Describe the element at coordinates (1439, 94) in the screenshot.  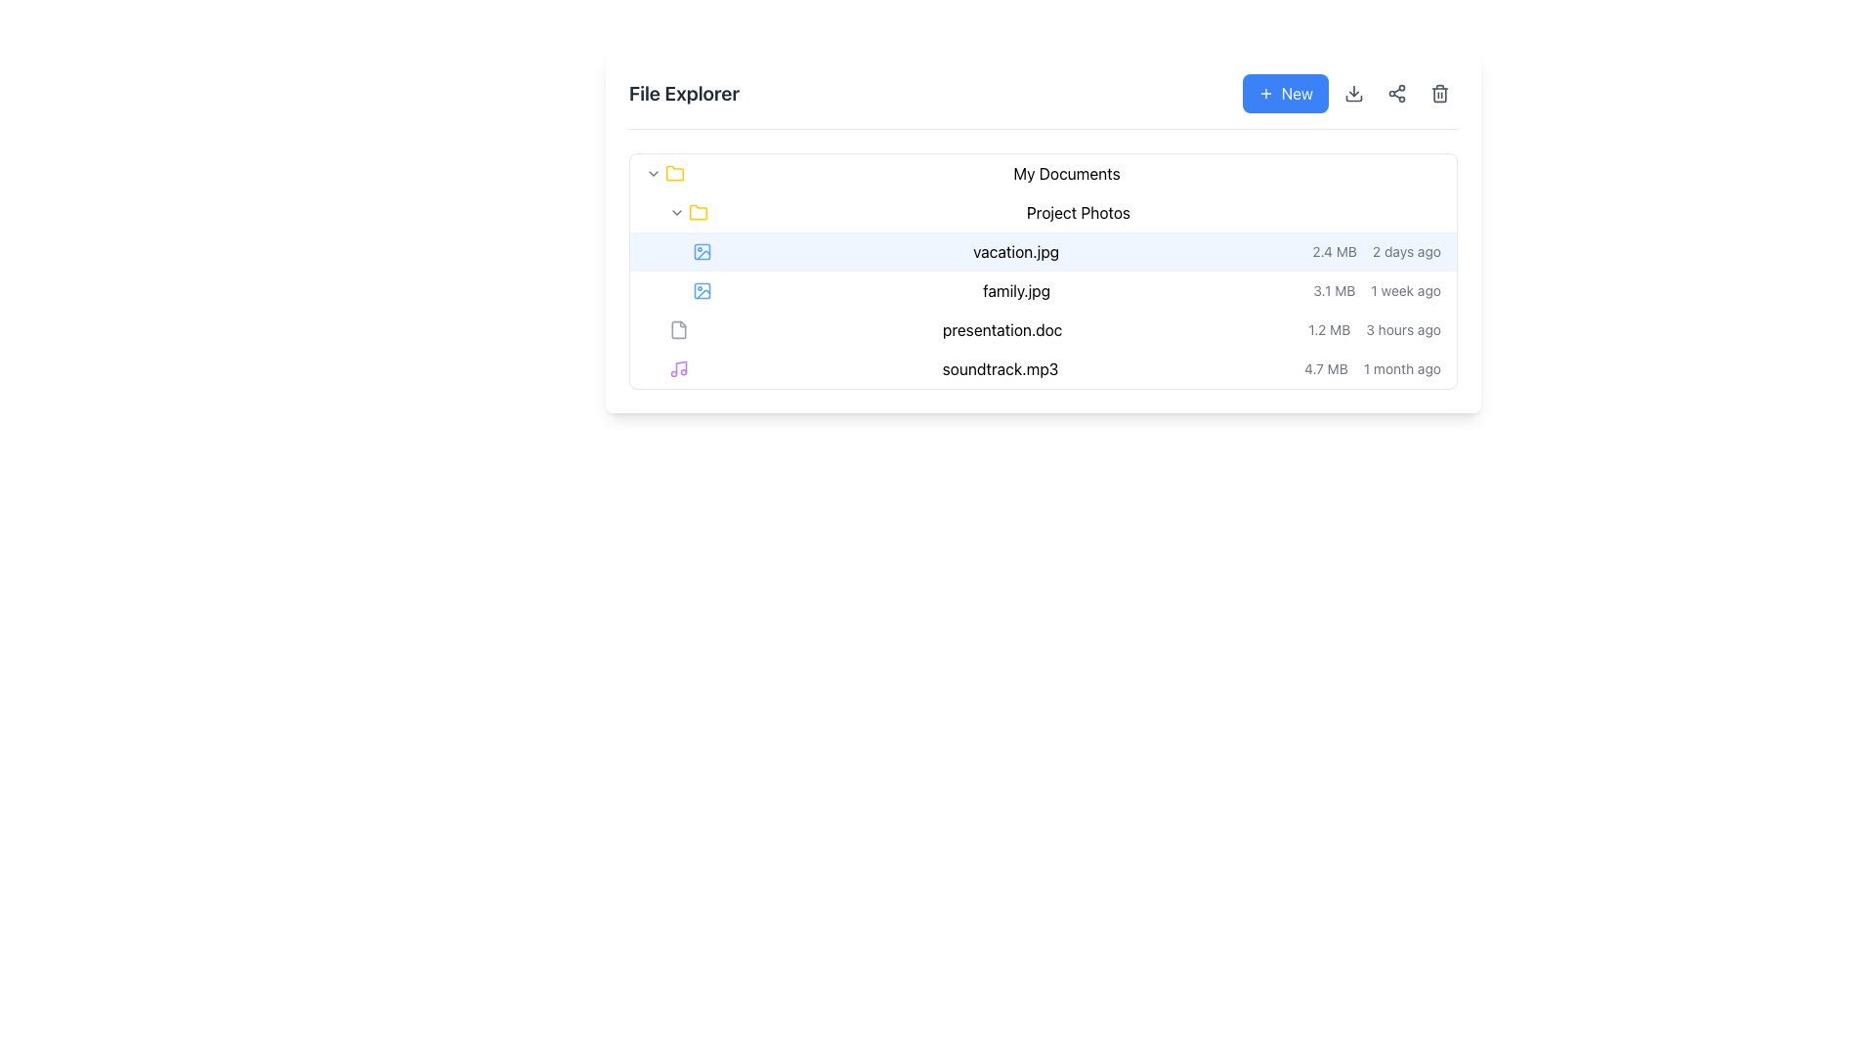
I see `the trash can icon button located in the top-right corner of the 'File Explorer' section` at that location.